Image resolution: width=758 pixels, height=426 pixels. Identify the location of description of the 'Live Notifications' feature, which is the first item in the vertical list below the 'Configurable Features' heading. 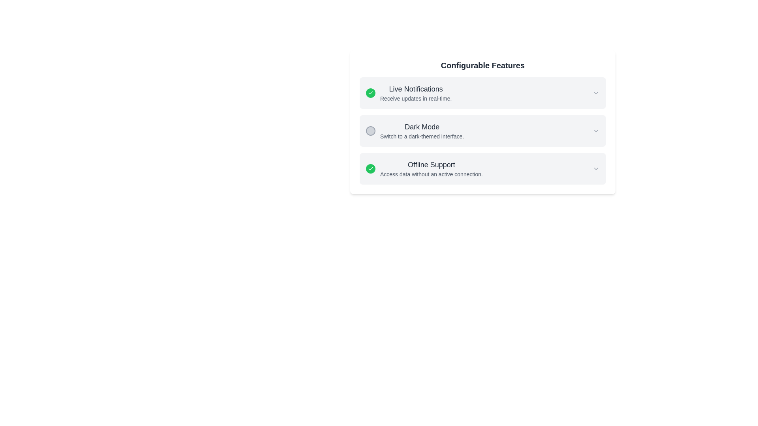
(409, 92).